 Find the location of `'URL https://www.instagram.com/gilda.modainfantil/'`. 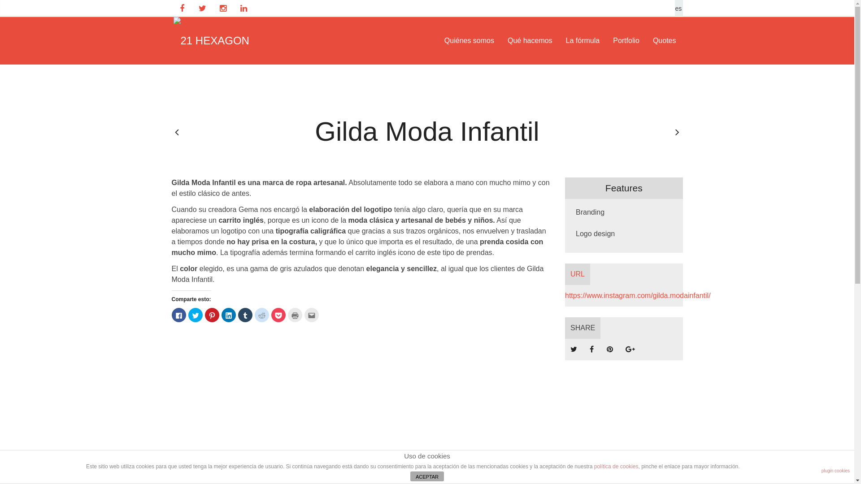

'URL https://www.instagram.com/gilda.modainfantil/' is located at coordinates (623, 285).